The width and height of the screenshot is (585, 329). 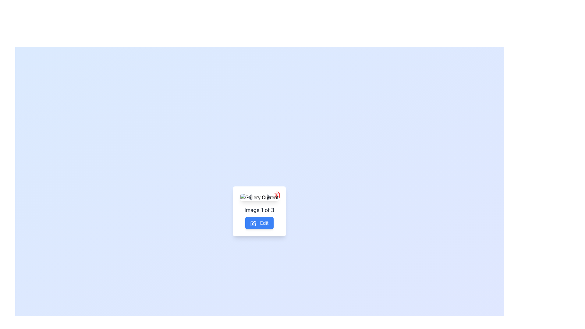 What do you see at coordinates (259, 210) in the screenshot?
I see `the descriptive text label that provides information about the current image number and the total images available in the slideshow, positioned above the 'Edit' button` at bounding box center [259, 210].